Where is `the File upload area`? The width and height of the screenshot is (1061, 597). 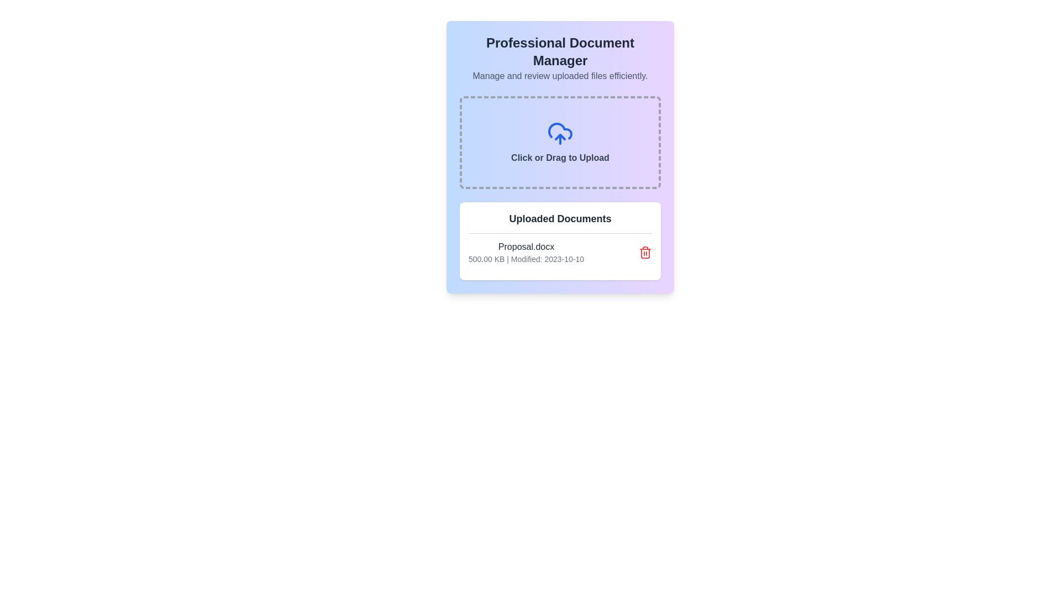 the File upload area is located at coordinates (560, 142).